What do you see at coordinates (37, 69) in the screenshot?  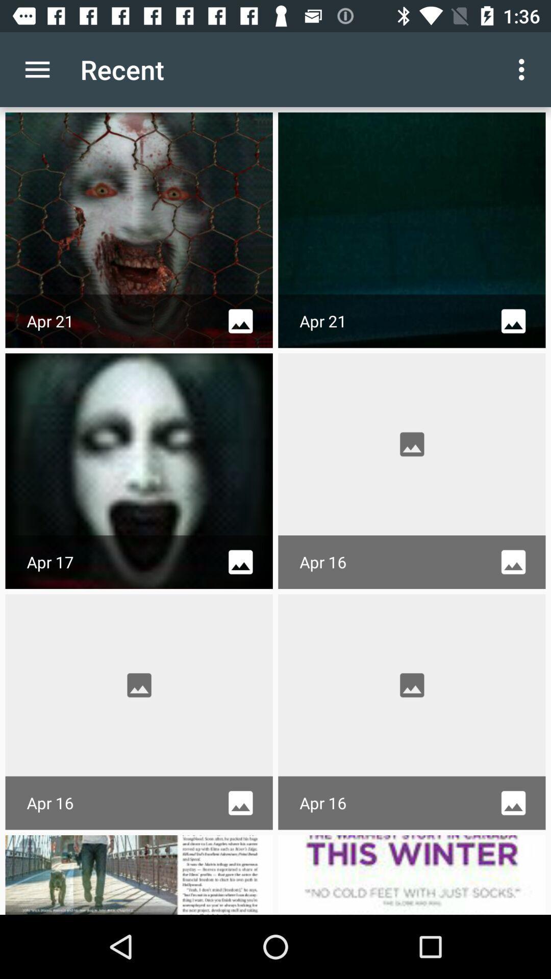 I see `icon to the left of recent app` at bounding box center [37, 69].